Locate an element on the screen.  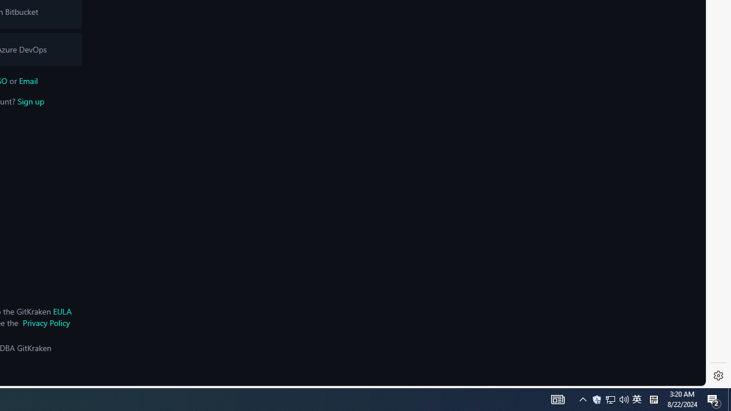
'Email' is located at coordinates (28, 80).